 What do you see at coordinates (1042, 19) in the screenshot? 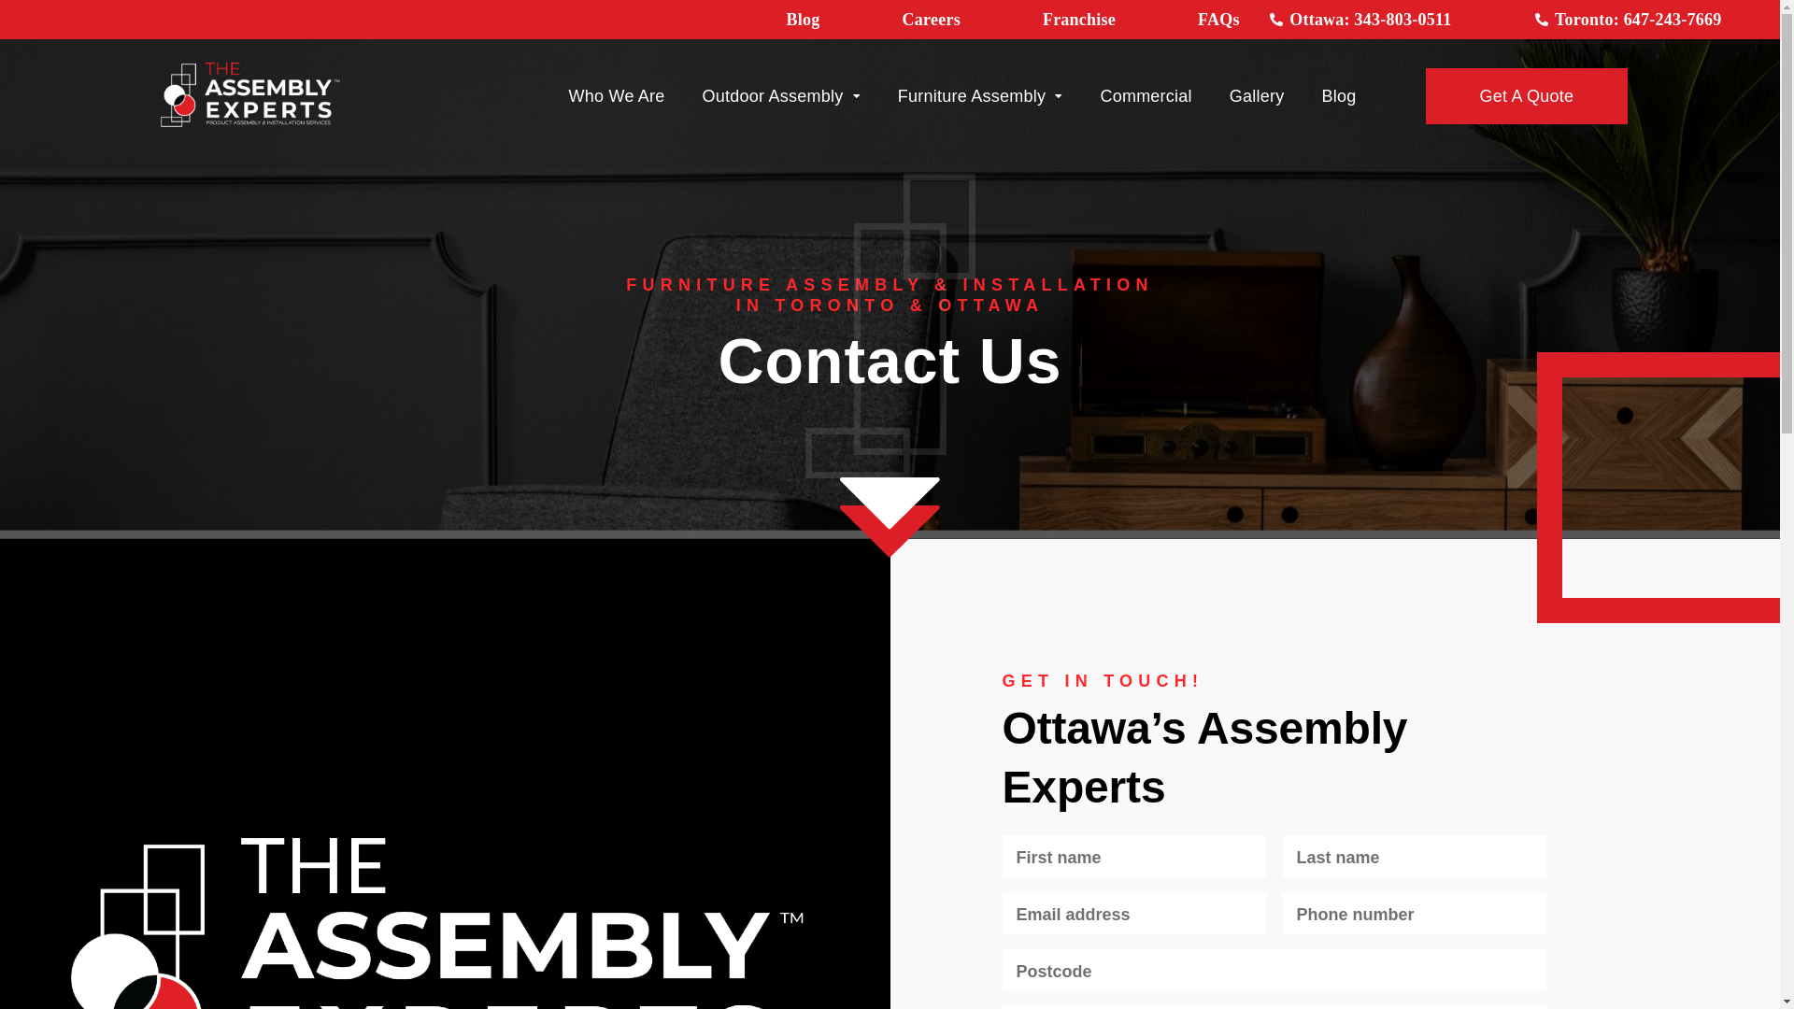
I see `'Franchise'` at bounding box center [1042, 19].